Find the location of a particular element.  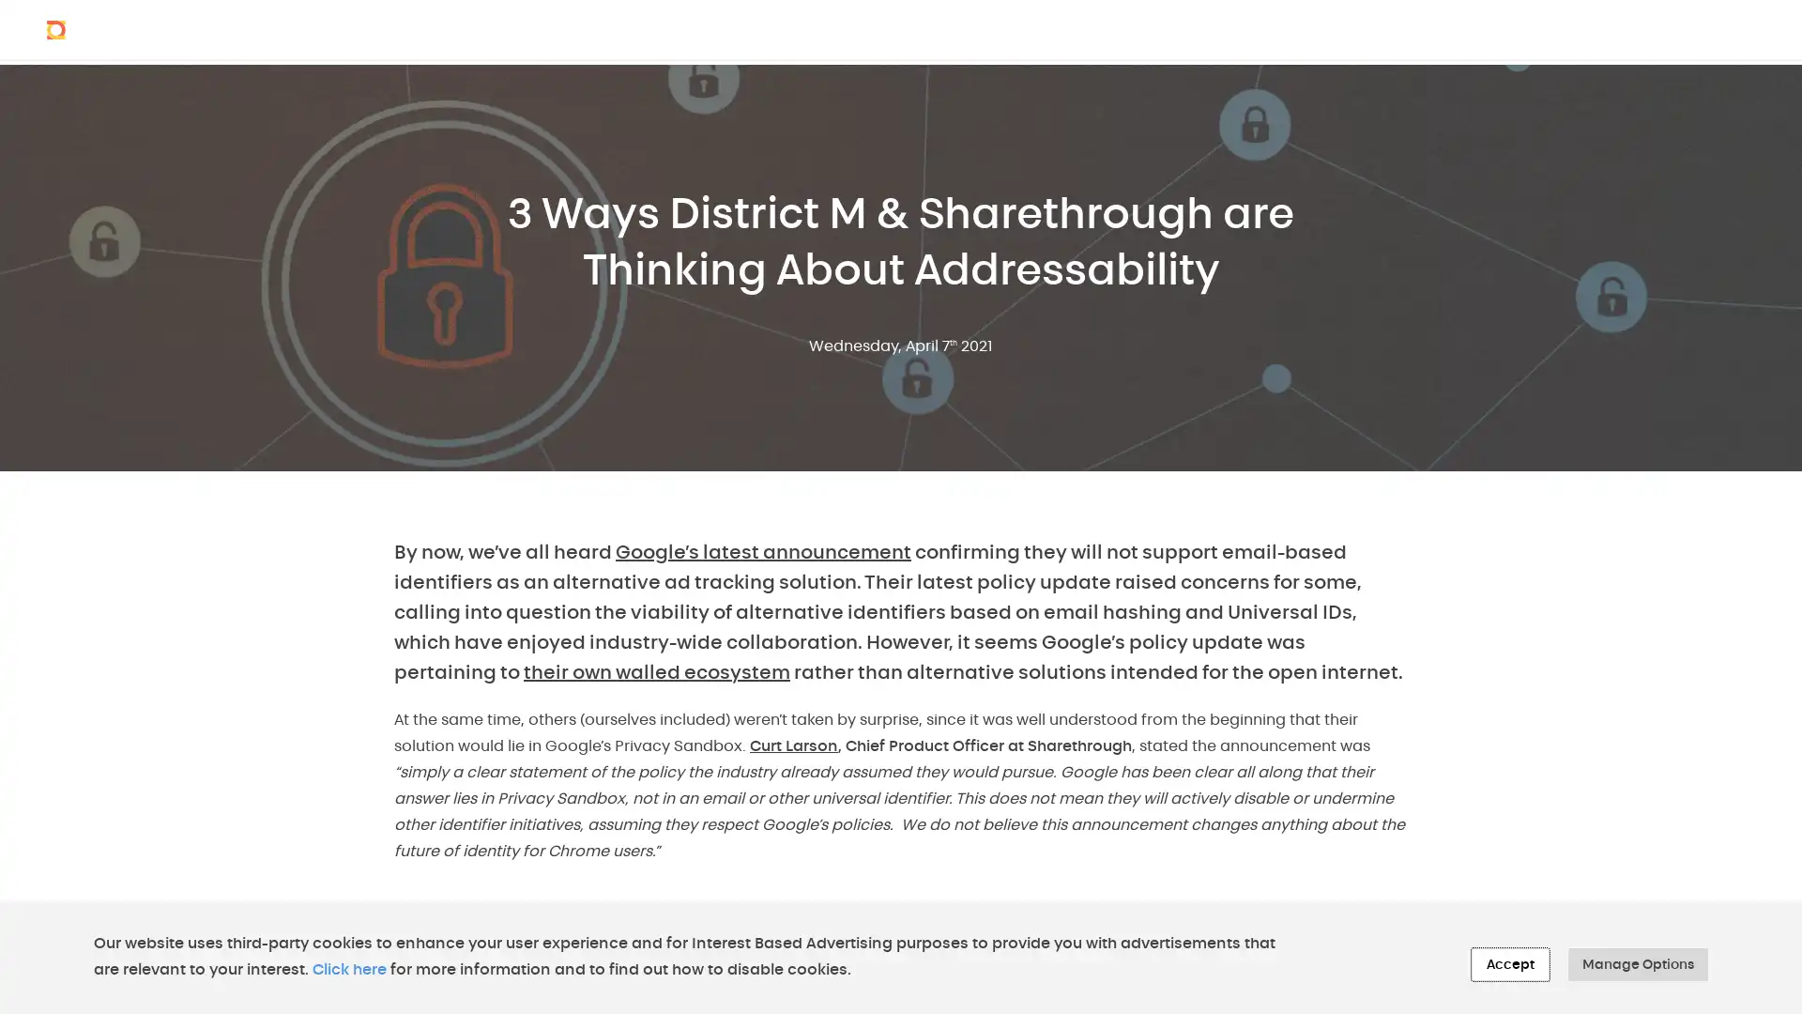

Accept is located at coordinates (1510, 964).